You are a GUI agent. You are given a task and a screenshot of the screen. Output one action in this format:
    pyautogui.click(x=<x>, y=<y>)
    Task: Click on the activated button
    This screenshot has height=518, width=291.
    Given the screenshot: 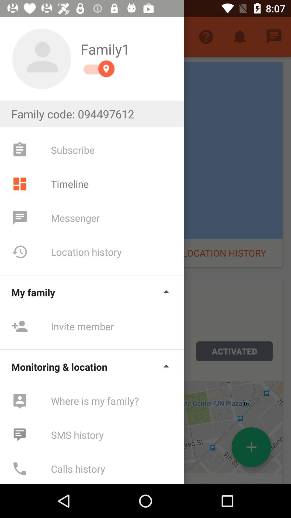 What is the action you would take?
    pyautogui.click(x=234, y=351)
    